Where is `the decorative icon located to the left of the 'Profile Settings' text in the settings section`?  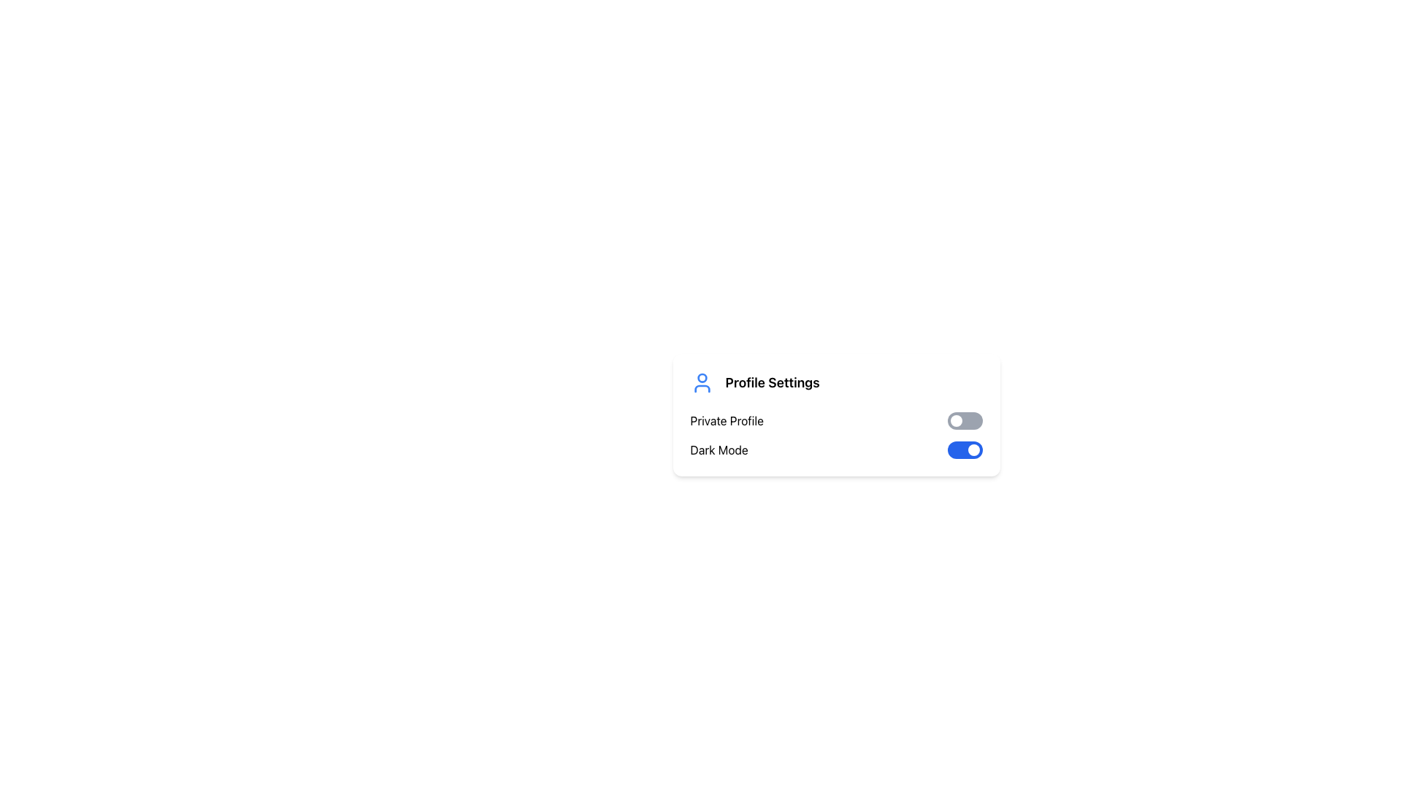
the decorative icon located to the left of the 'Profile Settings' text in the settings section is located at coordinates (702, 382).